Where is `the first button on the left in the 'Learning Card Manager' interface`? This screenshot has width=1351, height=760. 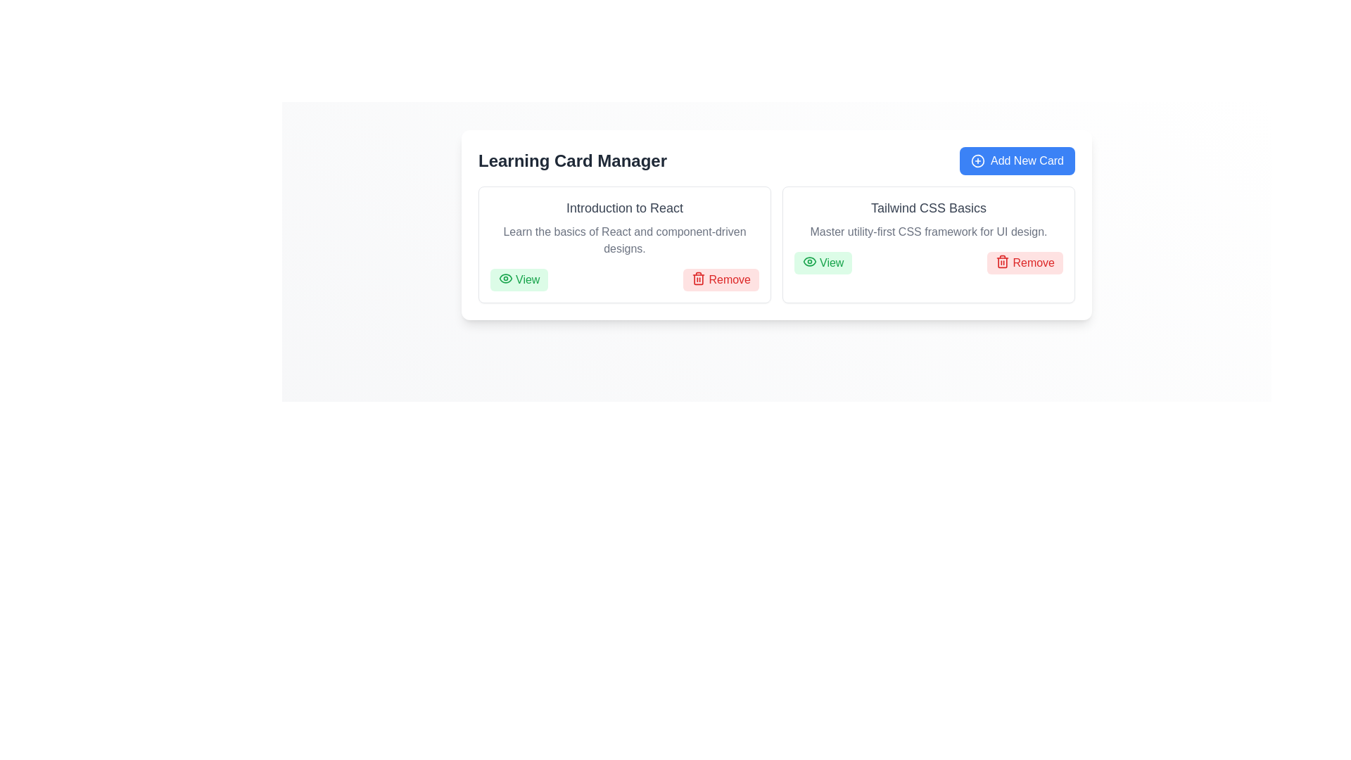 the first button on the left in the 'Learning Card Manager' interface is located at coordinates (519, 279).